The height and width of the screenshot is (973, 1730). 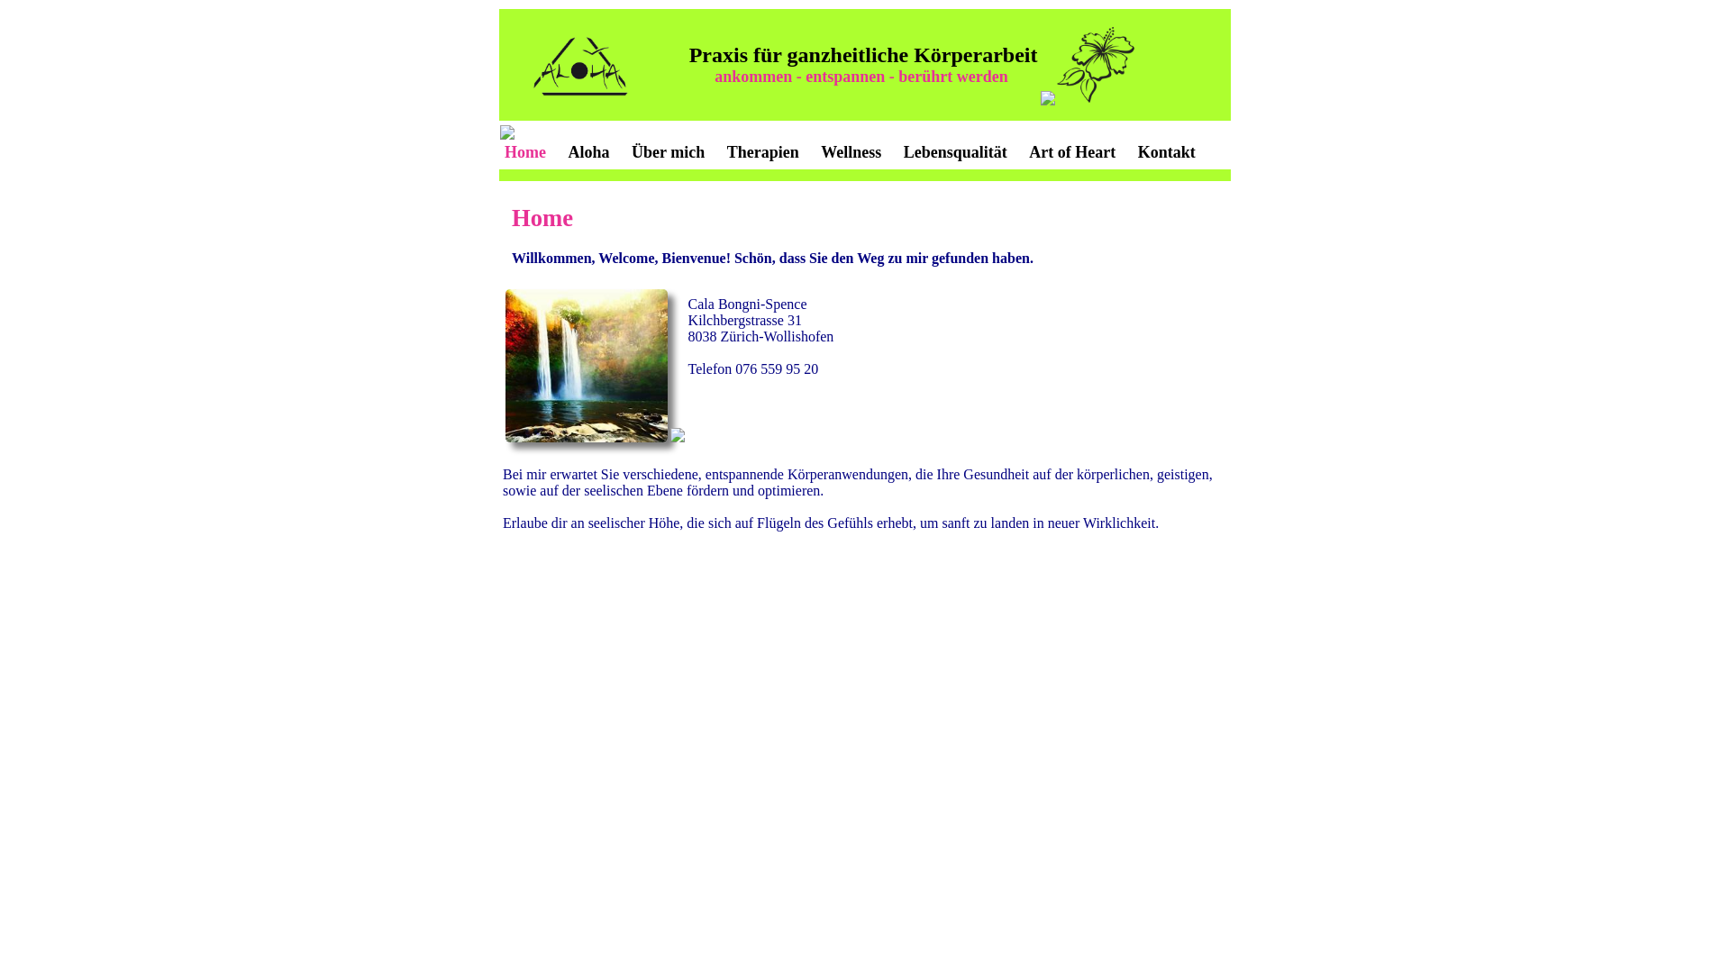 What do you see at coordinates (588, 151) in the screenshot?
I see `'Aloha'` at bounding box center [588, 151].